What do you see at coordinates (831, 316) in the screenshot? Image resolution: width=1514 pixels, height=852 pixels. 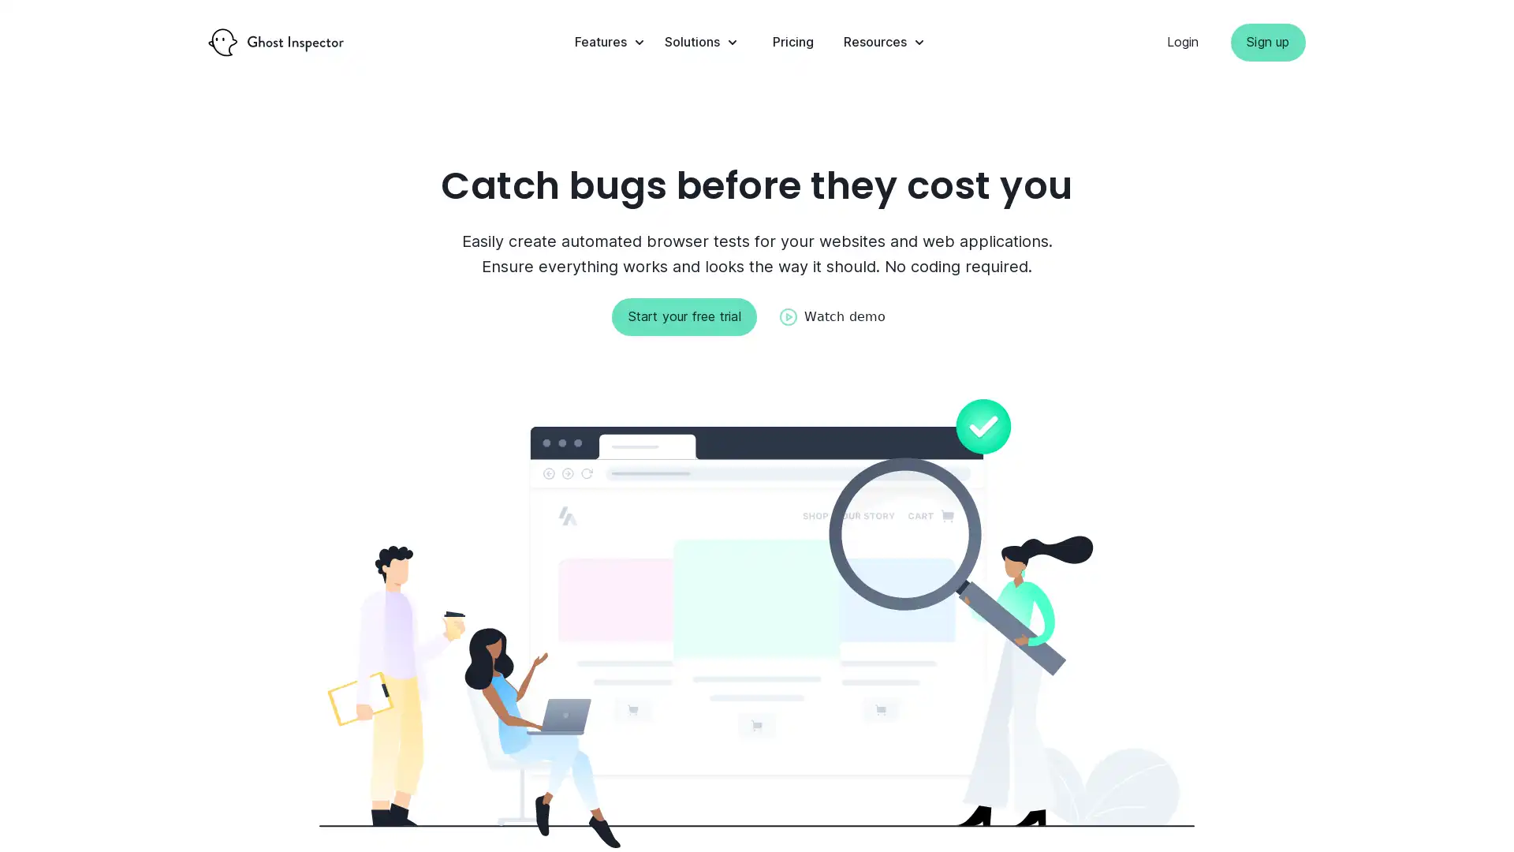 I see `Watch demo` at bounding box center [831, 316].